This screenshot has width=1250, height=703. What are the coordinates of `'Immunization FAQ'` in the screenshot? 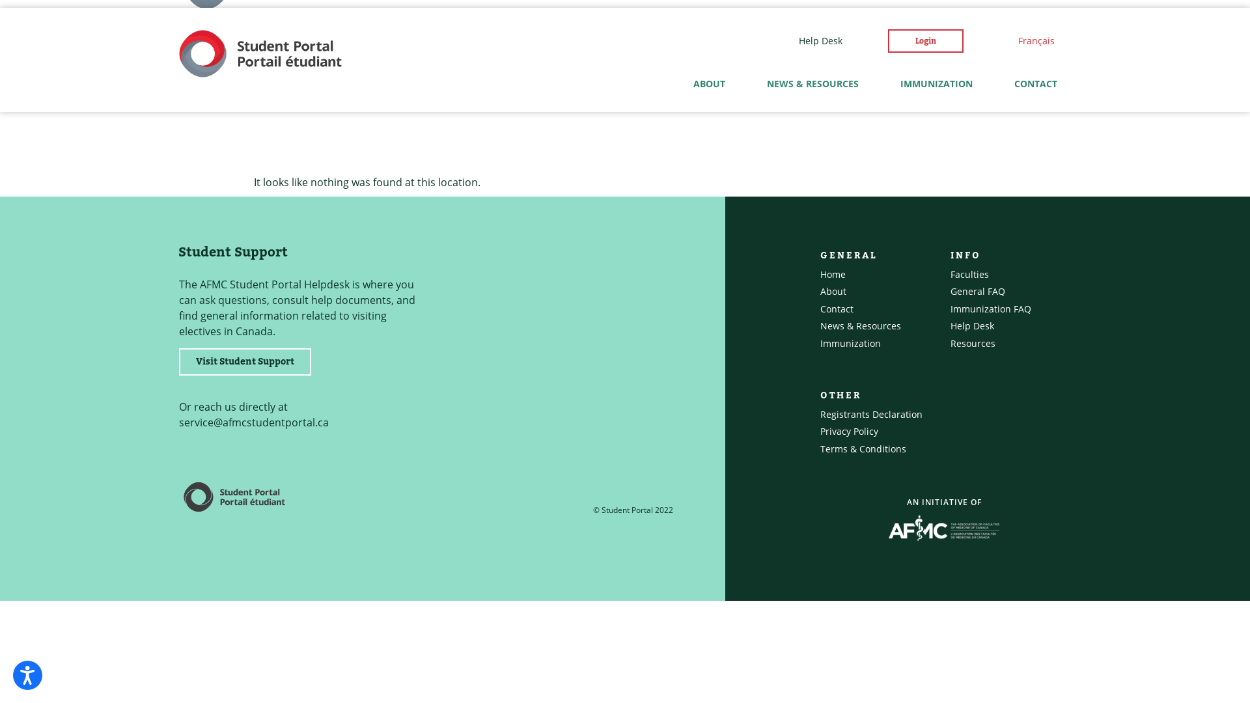 It's located at (990, 309).